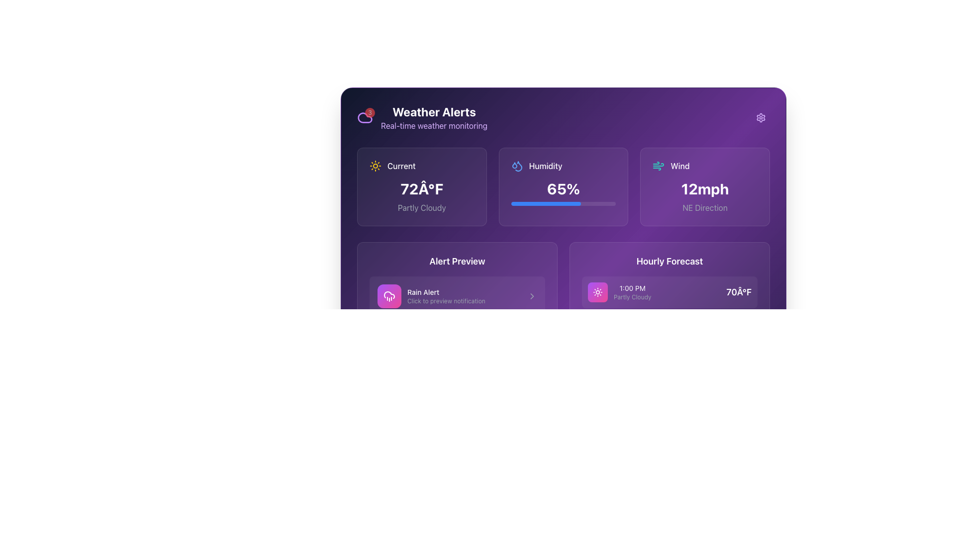  Describe the element at coordinates (563, 186) in the screenshot. I see `value '65%' and the description below the title 'Humidity' on the Information Card with a gradient background, centrally located in the grid under 'Weather Alerts'` at that location.